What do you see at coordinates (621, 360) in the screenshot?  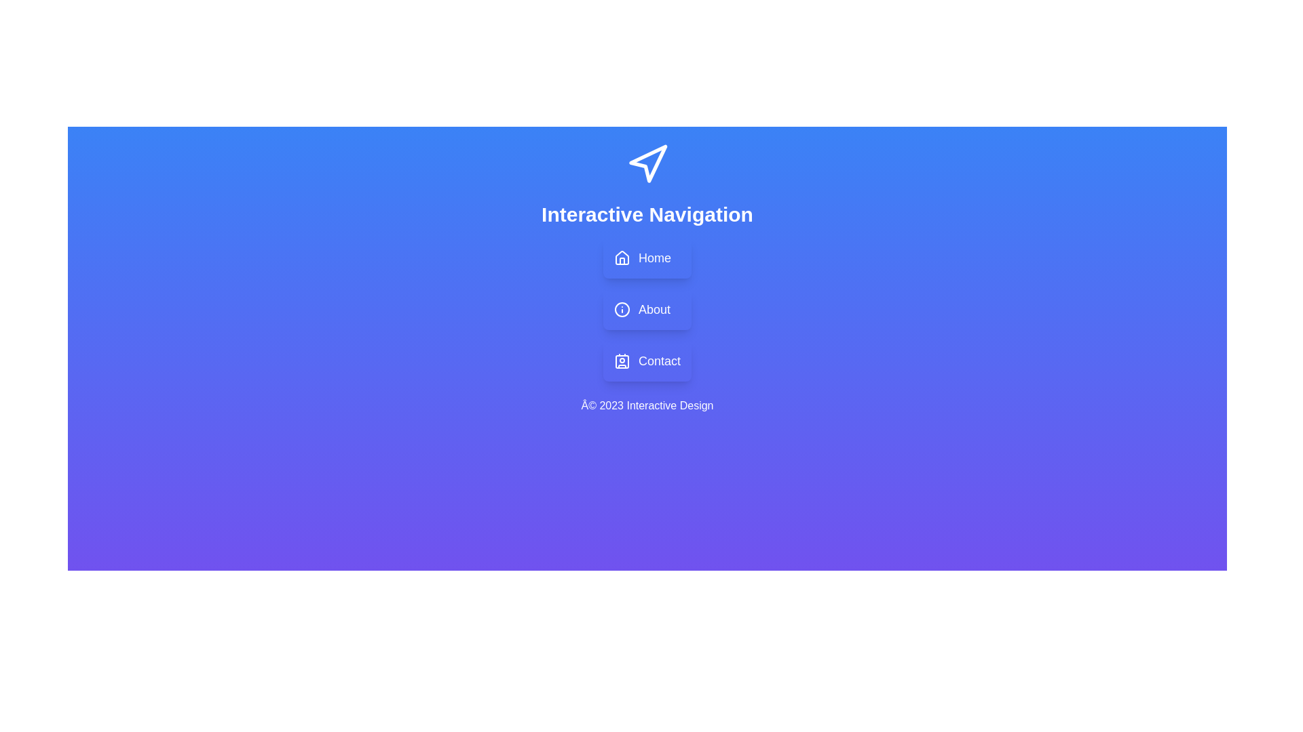 I see `the surrounding button of the identification/contact card SVG icon located in the 'Contact' option of the navigation menu` at bounding box center [621, 360].